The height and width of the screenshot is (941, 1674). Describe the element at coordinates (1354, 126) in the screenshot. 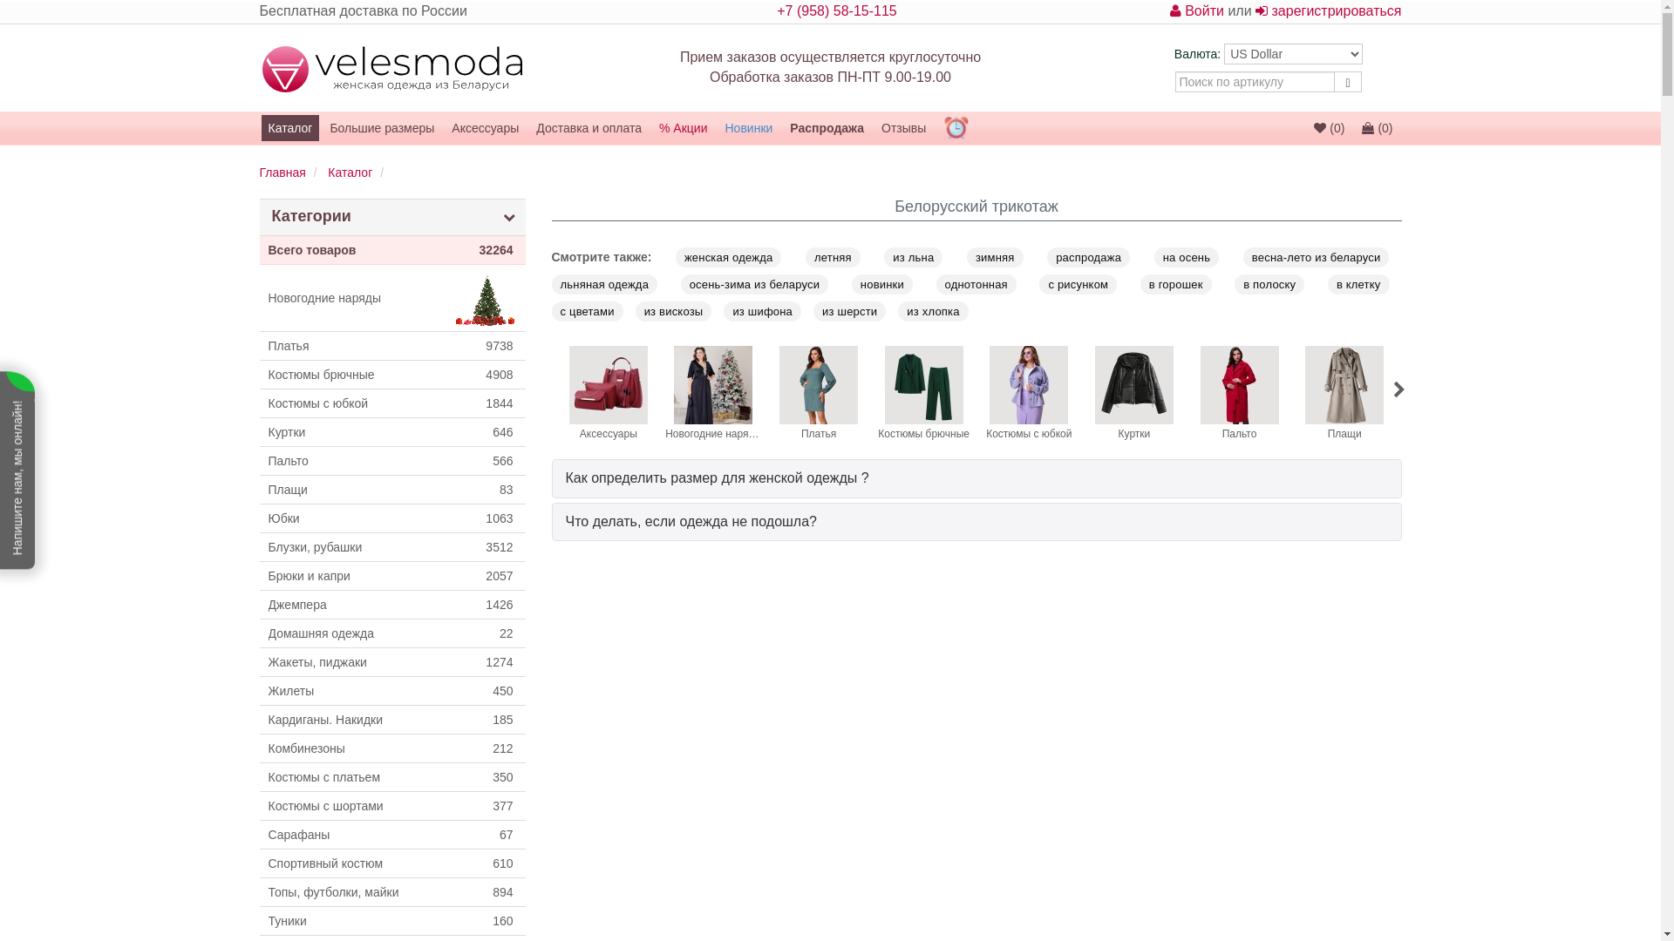

I see `'(0)'` at that location.